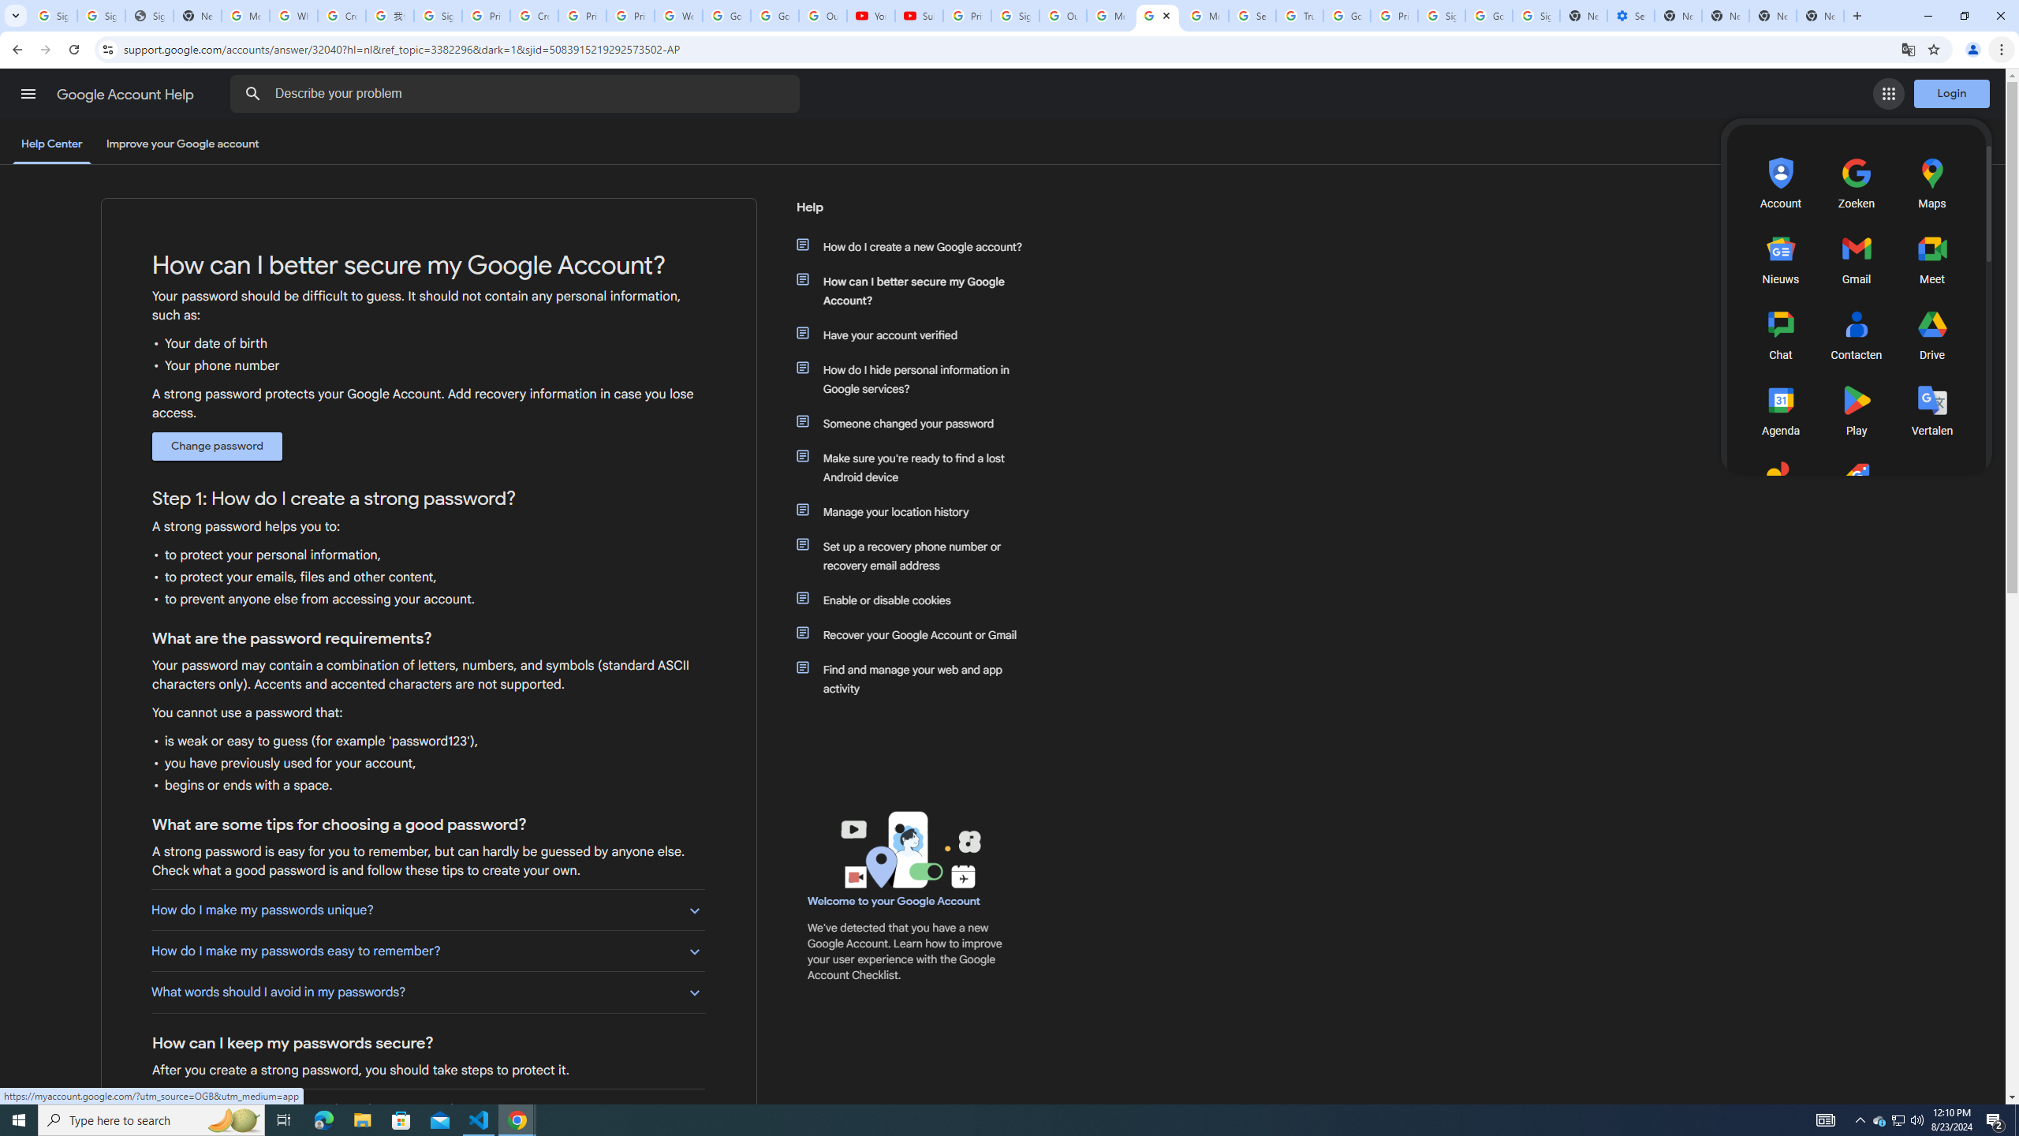 This screenshot has height=1136, width=2019. What do you see at coordinates (1346, 15) in the screenshot?
I see `'Google Ads - Sign in'` at bounding box center [1346, 15].